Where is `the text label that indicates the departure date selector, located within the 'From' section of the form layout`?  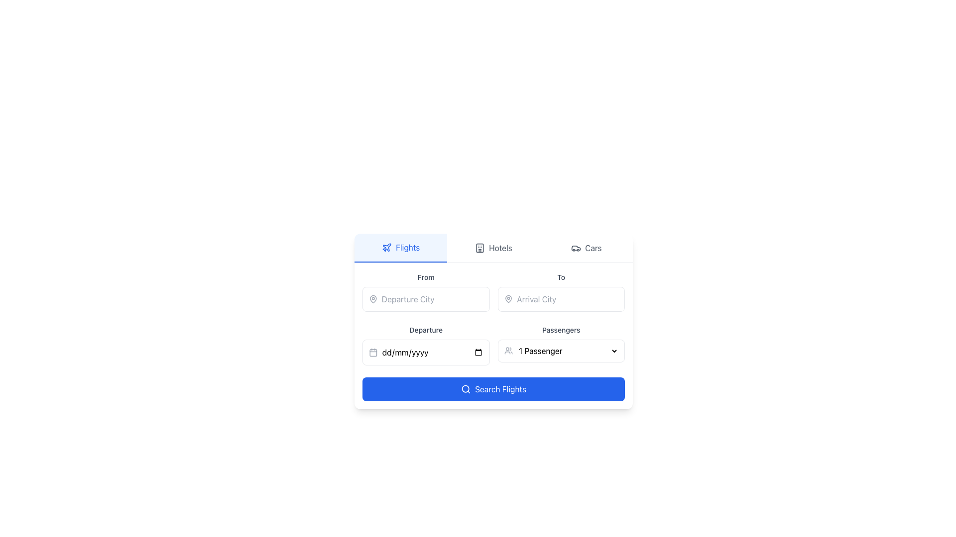 the text label that indicates the departure date selector, located within the 'From' section of the form layout is located at coordinates (426, 330).